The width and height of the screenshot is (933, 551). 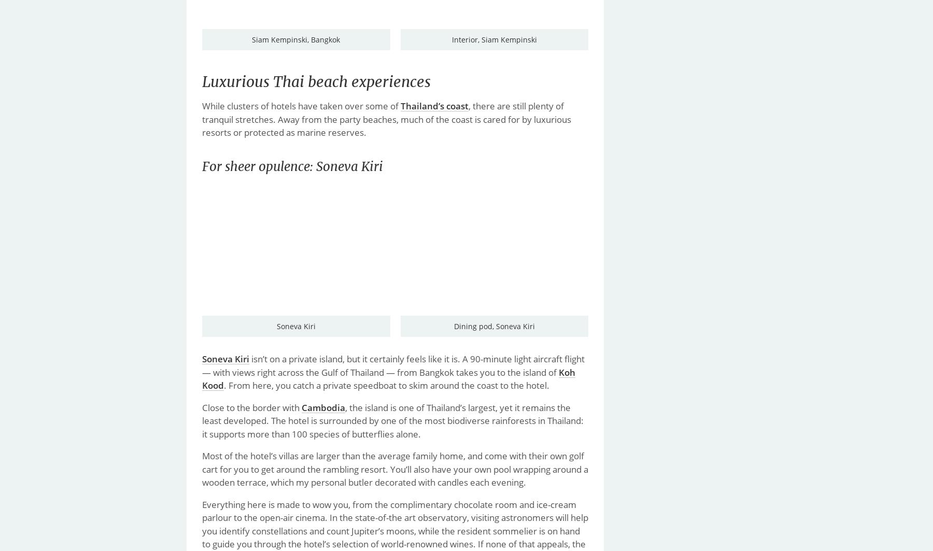 I want to click on 'Koh Kood', so click(x=388, y=378).